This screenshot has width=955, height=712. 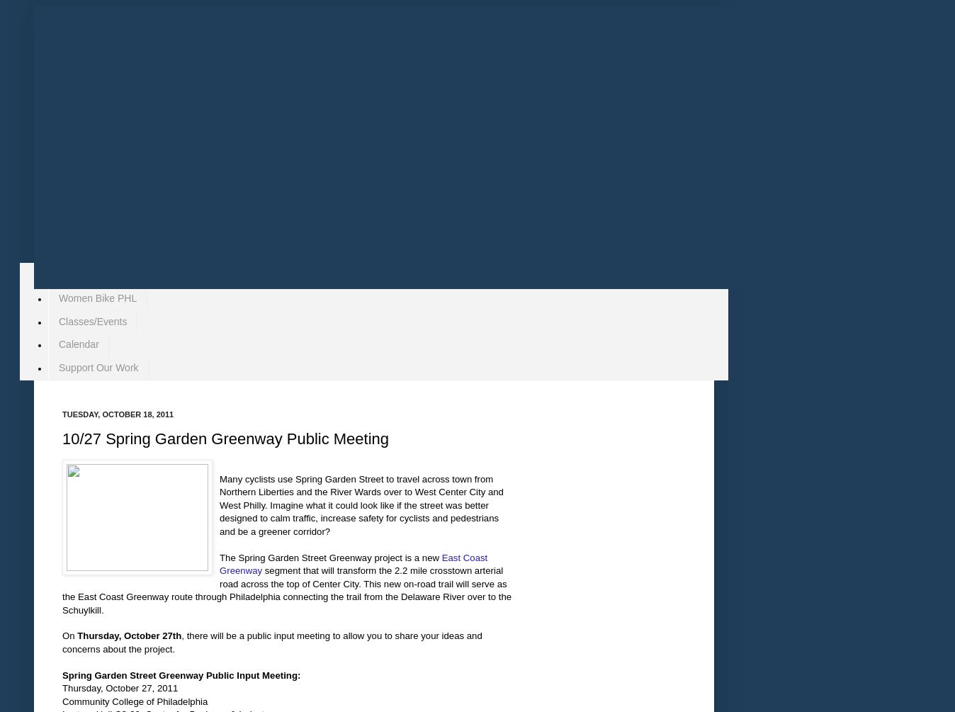 I want to click on 'Support Our Work', so click(x=58, y=366).